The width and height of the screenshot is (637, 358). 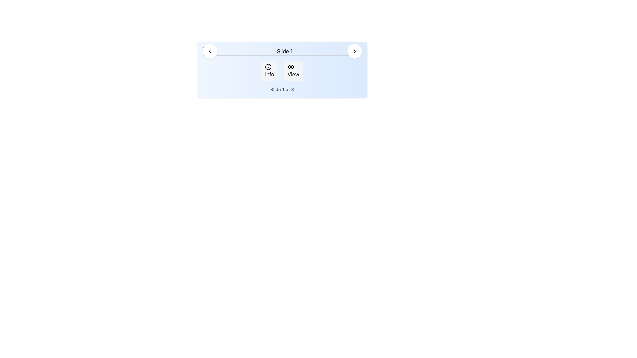 What do you see at coordinates (209, 51) in the screenshot?
I see `the left-pointing arrow icon within the circular button on the navigation bar` at bounding box center [209, 51].